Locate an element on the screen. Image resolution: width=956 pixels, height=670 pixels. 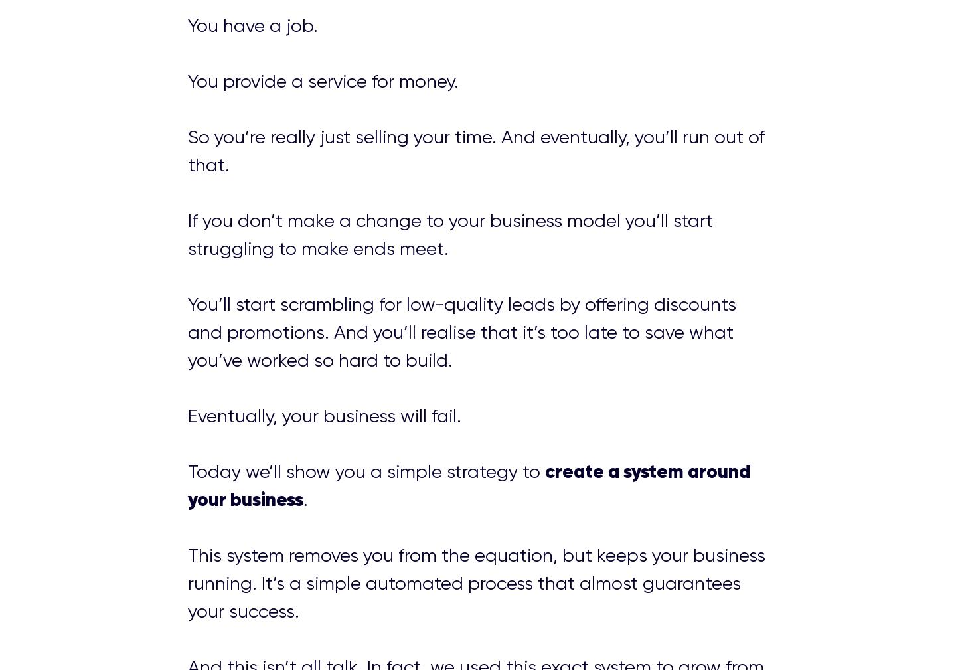
'If you don’t make a change to your business model you’ll start struggling to make ends meet.' is located at coordinates (186, 234).